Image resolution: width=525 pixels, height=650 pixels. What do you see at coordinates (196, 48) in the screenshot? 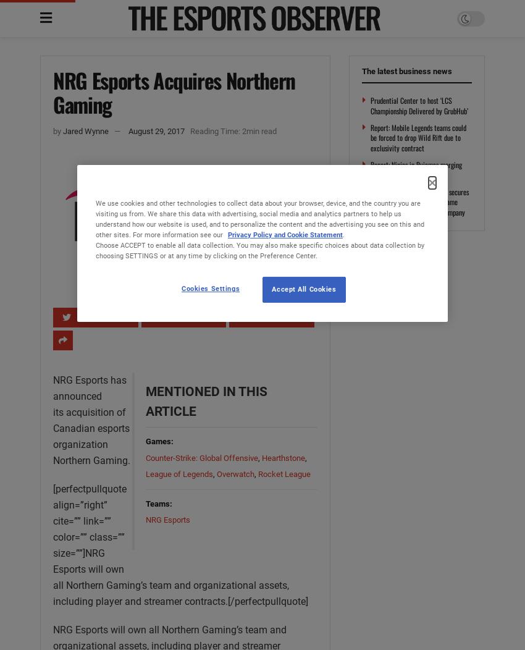
I see `'New account'` at bounding box center [196, 48].